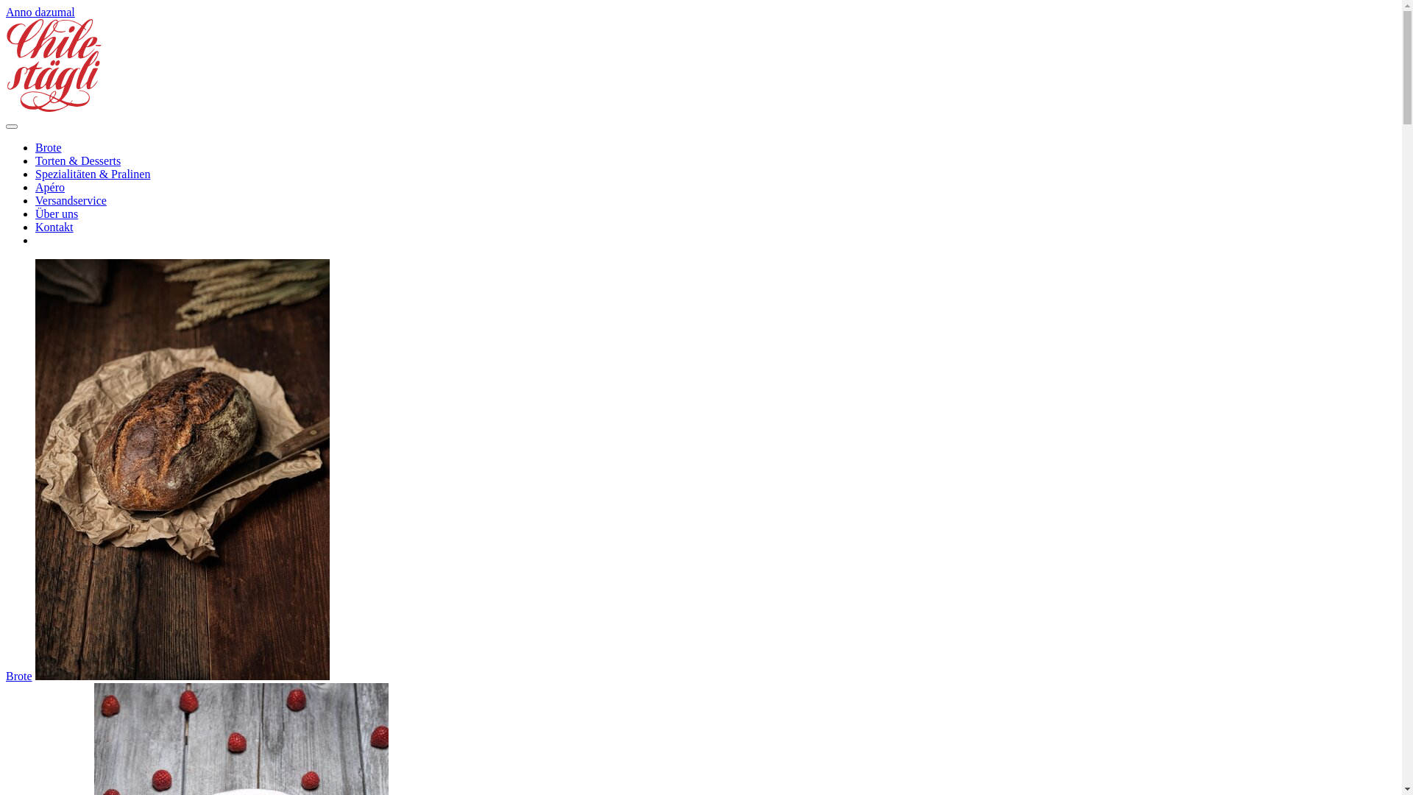 The height and width of the screenshot is (795, 1413). I want to click on 'Brote', so click(6, 676).